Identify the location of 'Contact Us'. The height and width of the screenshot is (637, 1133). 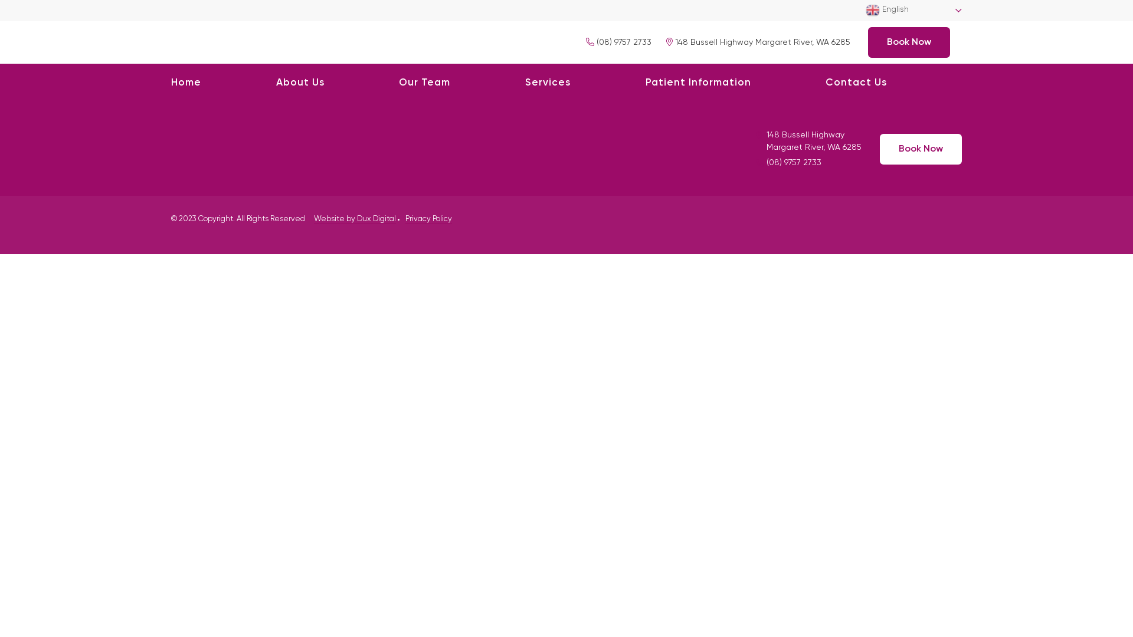
(856, 83).